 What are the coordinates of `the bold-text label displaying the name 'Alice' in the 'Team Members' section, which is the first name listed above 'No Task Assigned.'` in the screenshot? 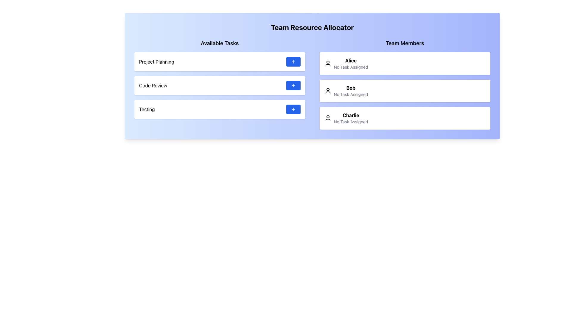 It's located at (351, 61).